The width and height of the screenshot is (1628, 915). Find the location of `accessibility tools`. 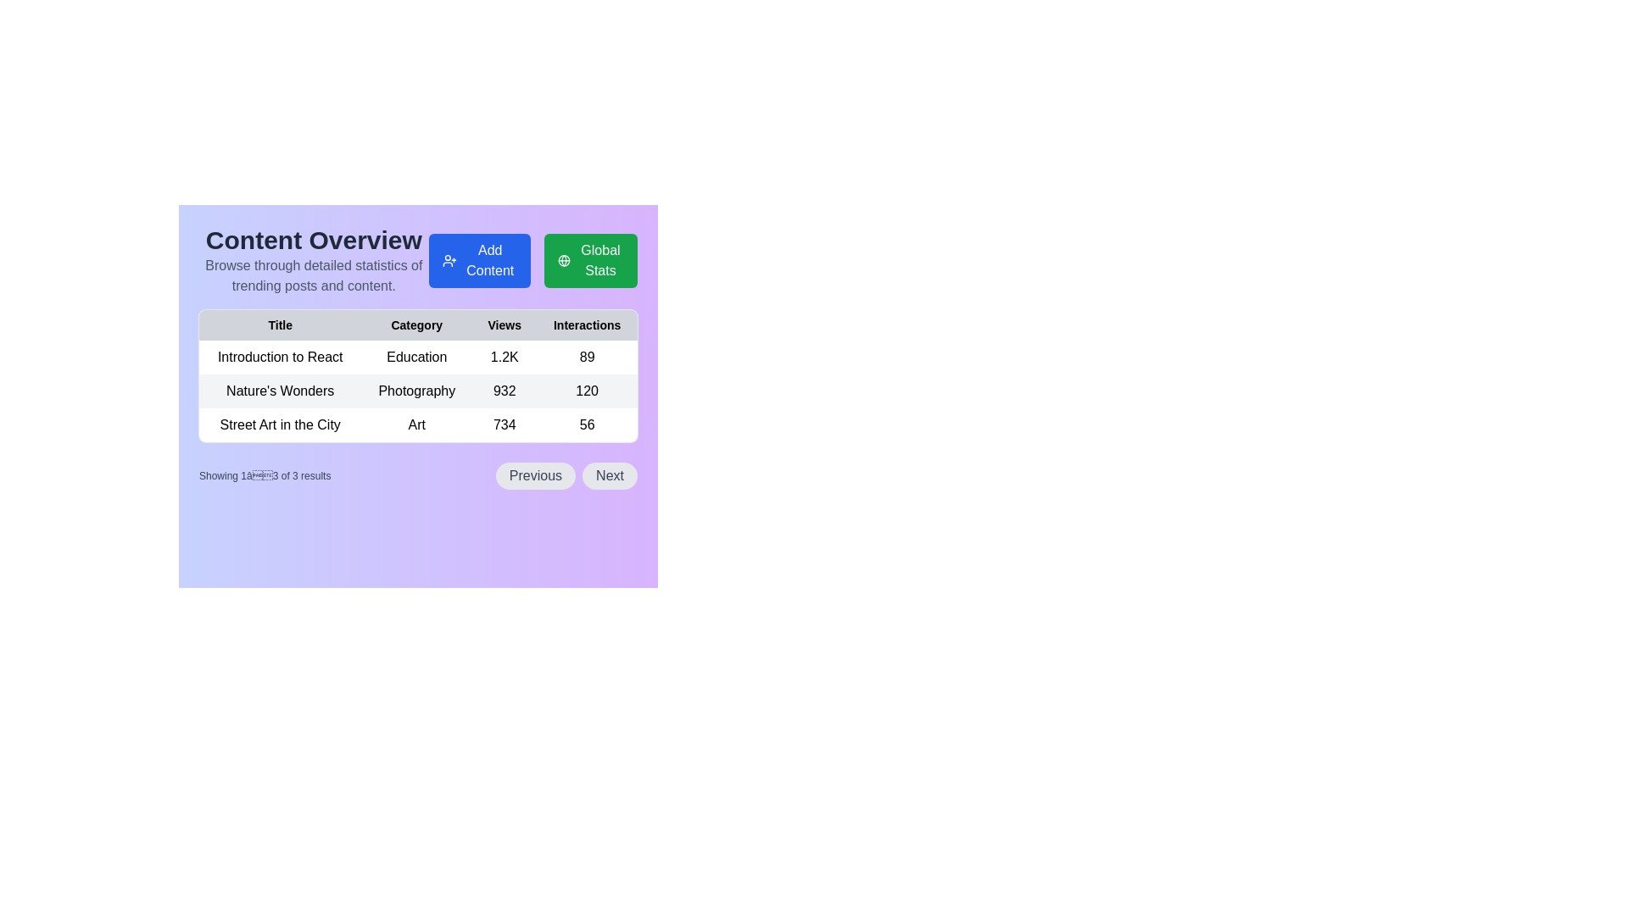

accessibility tools is located at coordinates (418, 391).